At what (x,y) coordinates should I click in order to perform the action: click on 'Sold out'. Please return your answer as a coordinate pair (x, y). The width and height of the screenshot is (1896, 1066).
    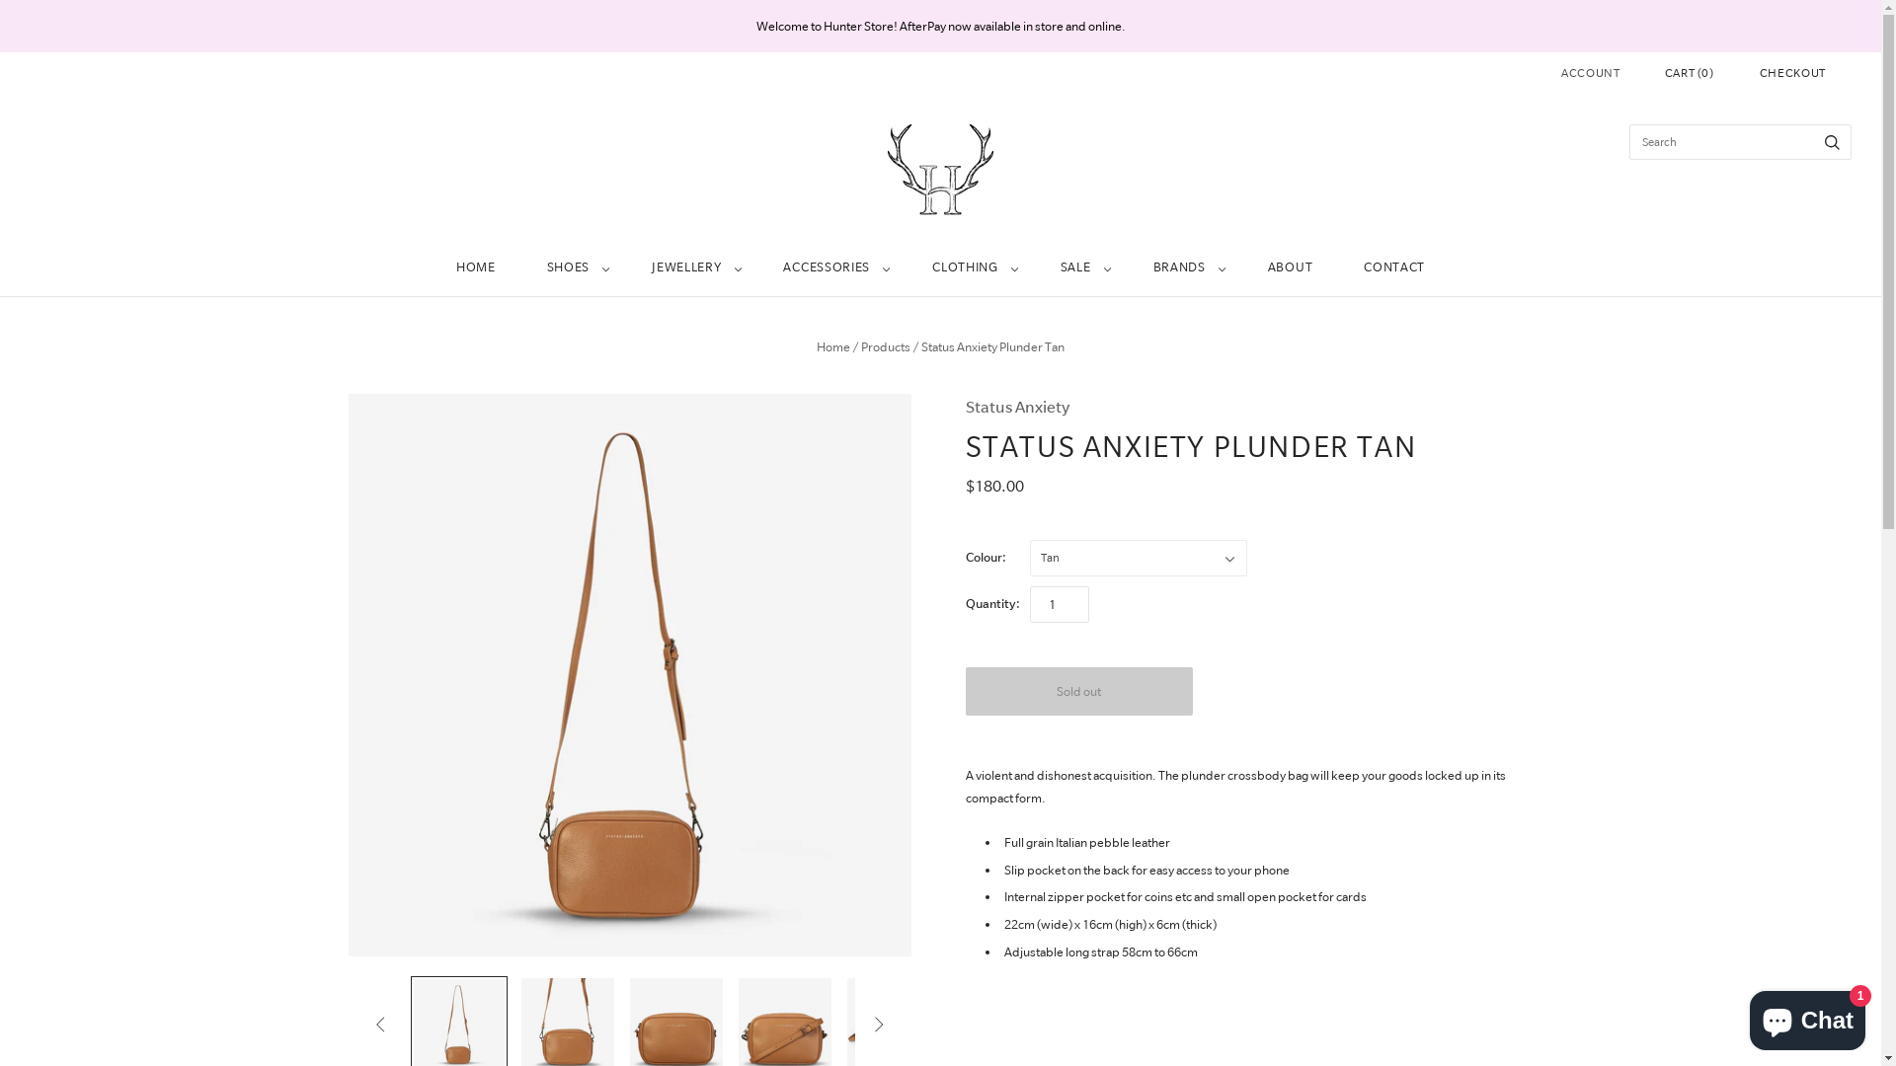
    Looking at the image, I should click on (1078, 690).